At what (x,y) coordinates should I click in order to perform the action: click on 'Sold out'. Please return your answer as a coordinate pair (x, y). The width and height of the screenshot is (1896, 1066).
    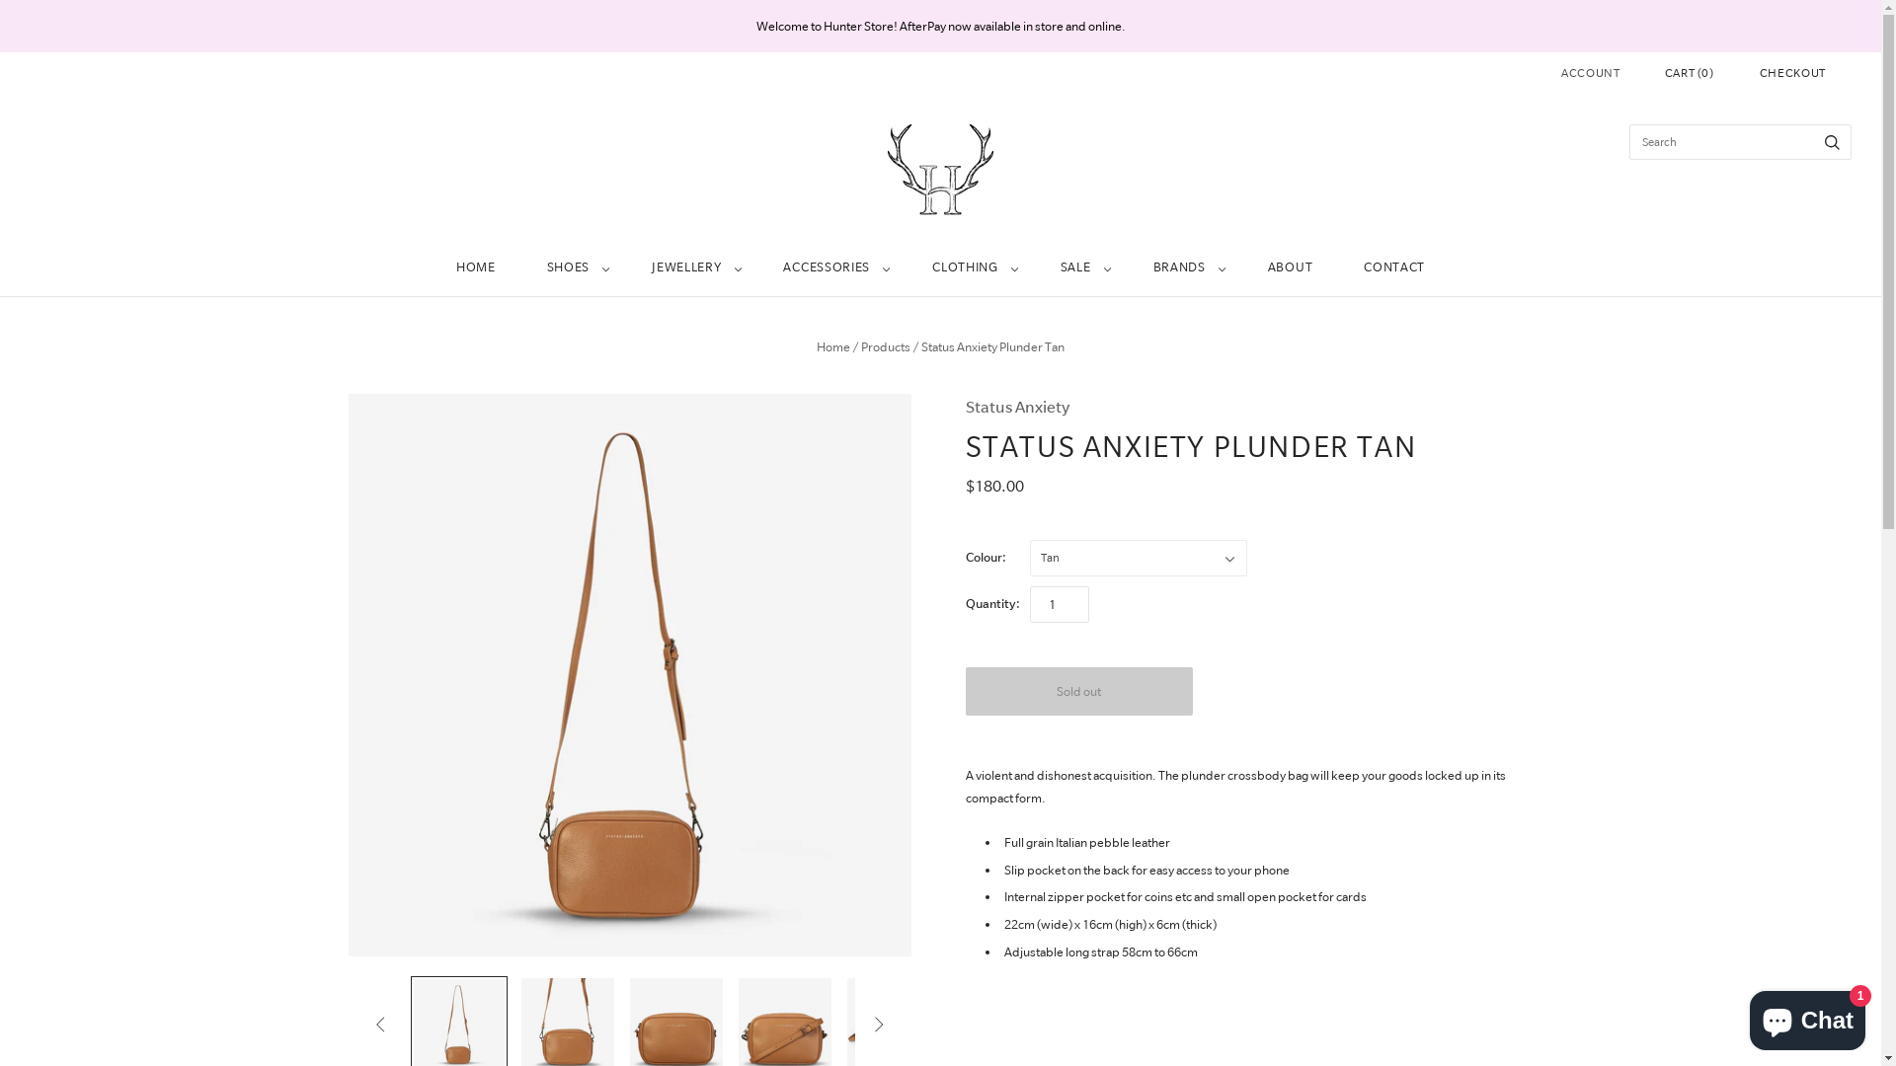
    Looking at the image, I should click on (1078, 690).